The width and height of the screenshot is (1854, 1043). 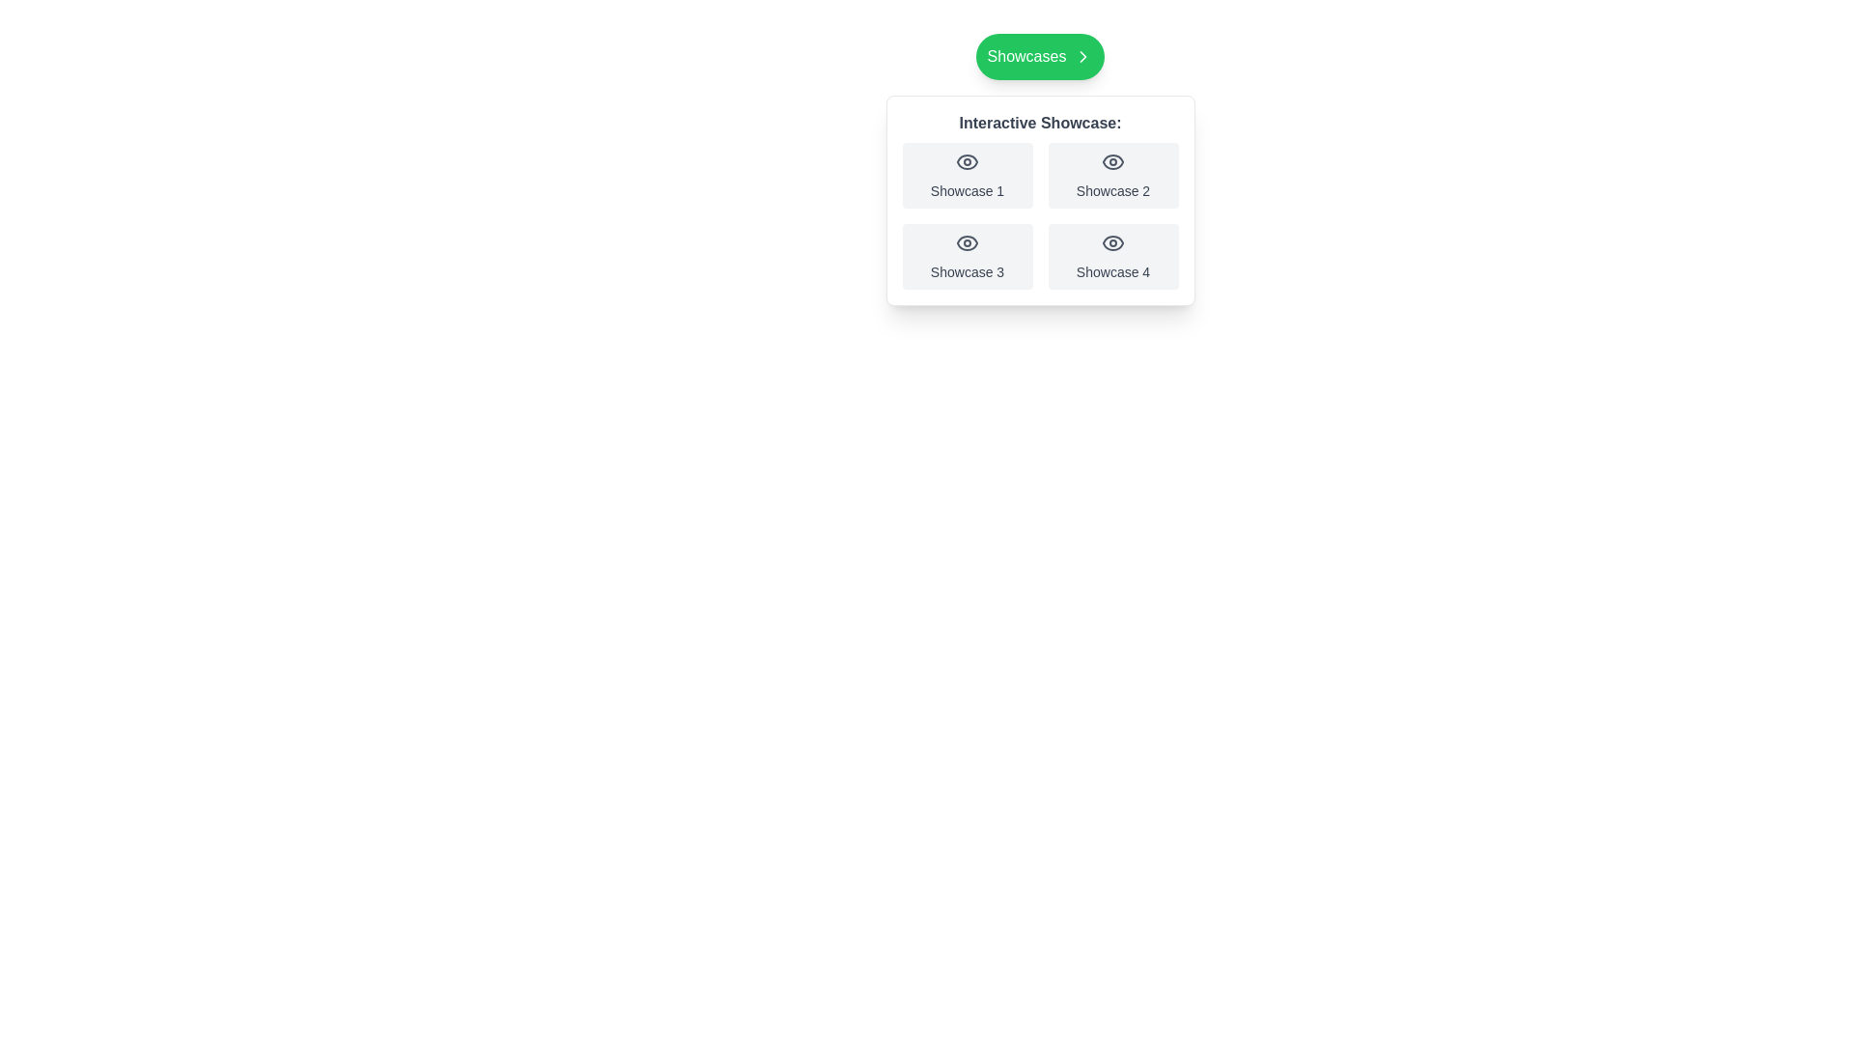 I want to click on the text label reading 'Showcase 4', which is located in the bottom-right corner of the 'Interactive Showcase' section, so click(x=1112, y=271).